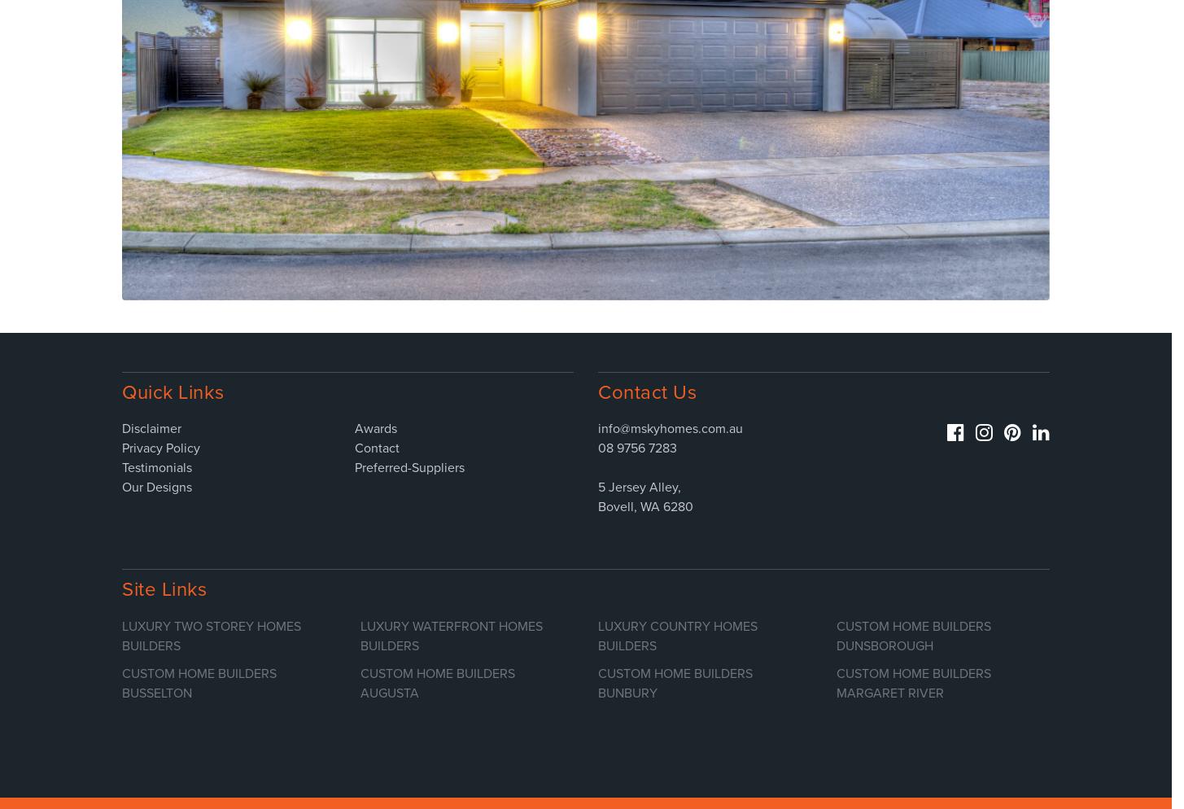 This screenshot has height=809, width=1184. What do you see at coordinates (151, 429) in the screenshot?
I see `'Disclaimer'` at bounding box center [151, 429].